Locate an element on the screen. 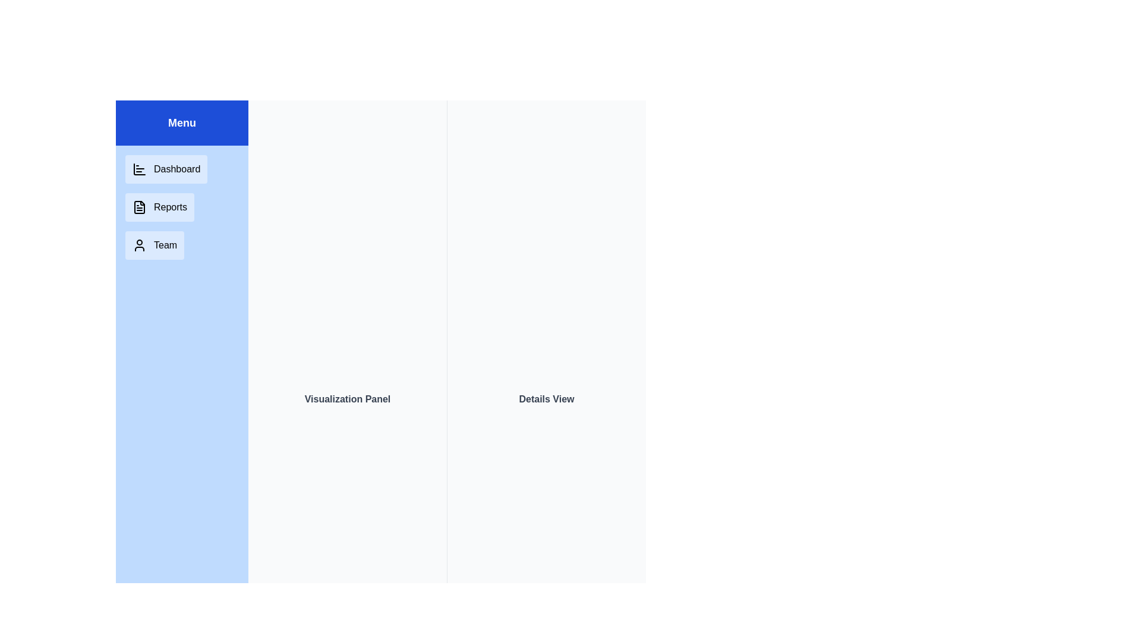  the 'Dashboard' button which contains the bar chart icon on its left side is located at coordinates (140, 169).